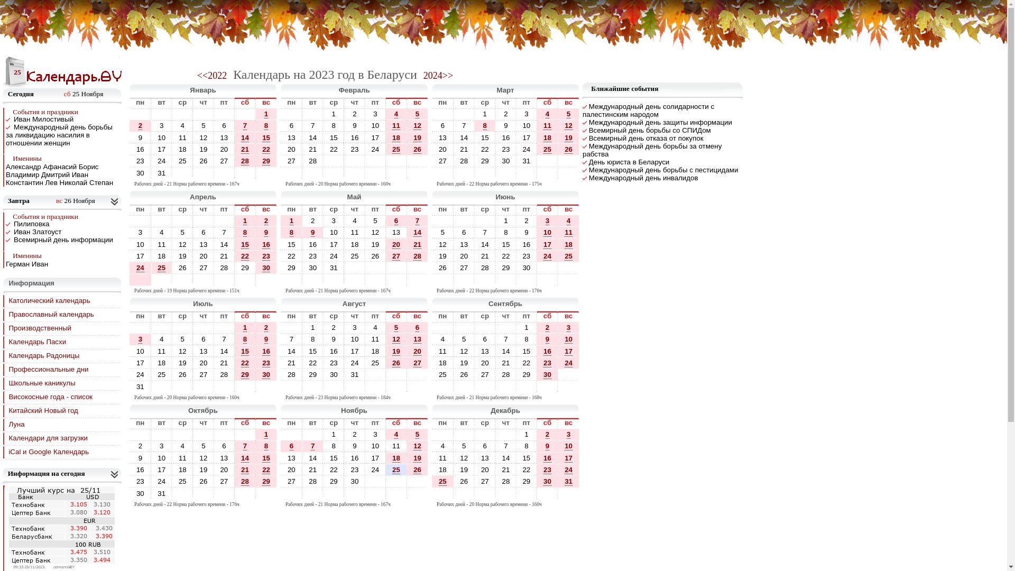 Image resolution: width=1015 pixels, height=571 pixels. I want to click on '5', so click(201, 125).